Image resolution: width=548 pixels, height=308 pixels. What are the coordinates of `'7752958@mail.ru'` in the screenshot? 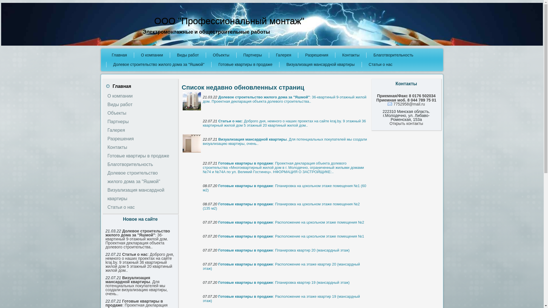 It's located at (388, 104).